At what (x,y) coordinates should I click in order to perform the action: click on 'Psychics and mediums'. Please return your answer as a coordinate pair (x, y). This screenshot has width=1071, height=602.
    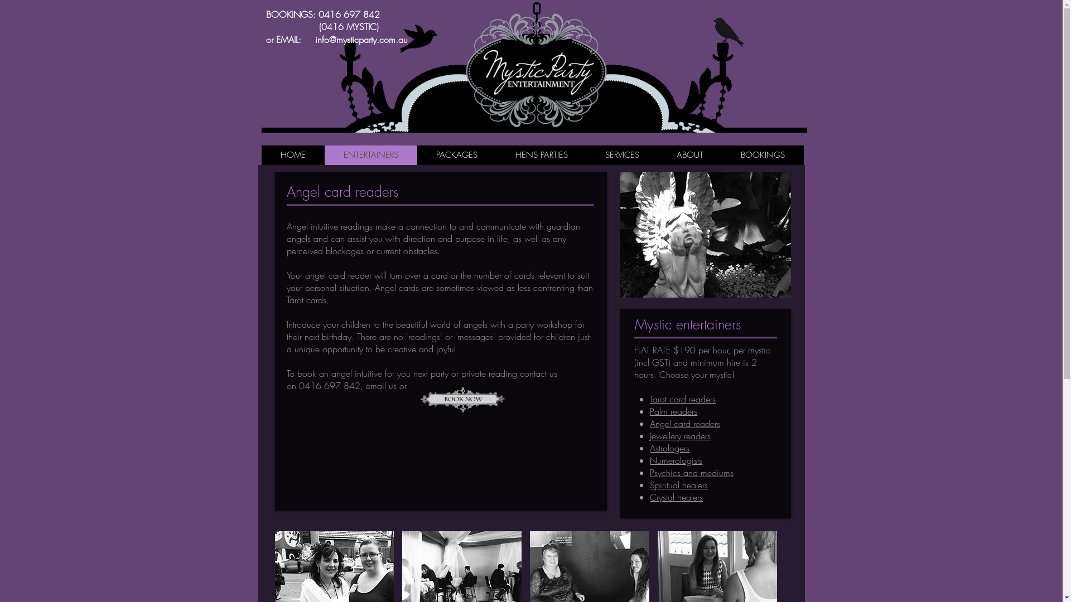
    Looking at the image, I should click on (650, 473).